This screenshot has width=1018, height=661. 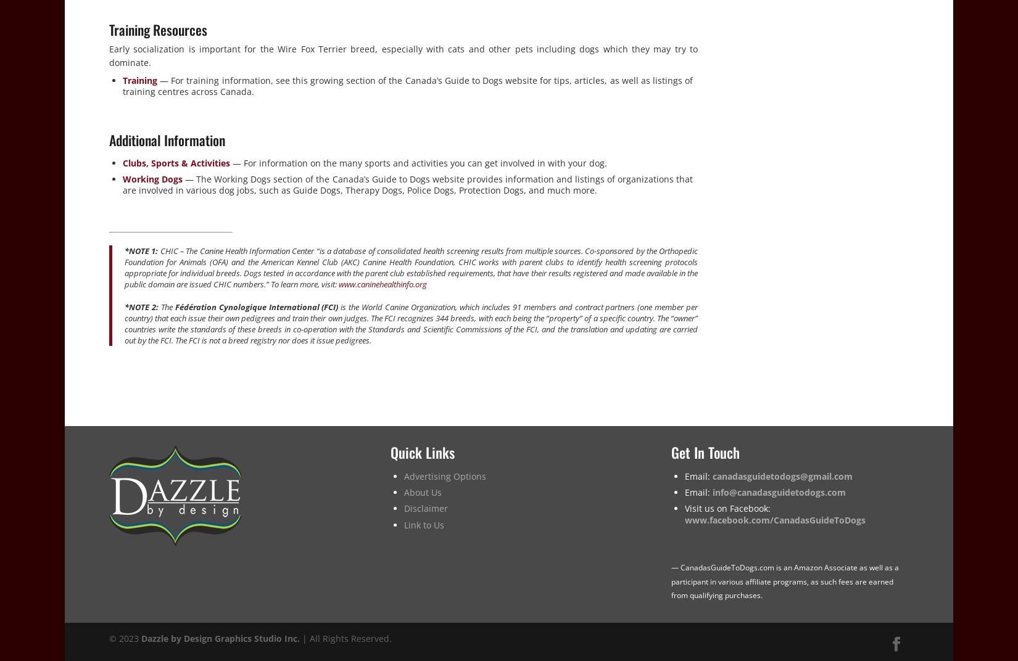 I want to click on 'Training Resources', so click(x=158, y=28).